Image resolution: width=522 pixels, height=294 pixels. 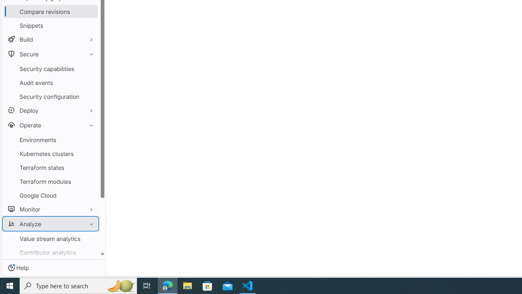 What do you see at coordinates (50, 224) in the screenshot?
I see `'Analyze'` at bounding box center [50, 224].